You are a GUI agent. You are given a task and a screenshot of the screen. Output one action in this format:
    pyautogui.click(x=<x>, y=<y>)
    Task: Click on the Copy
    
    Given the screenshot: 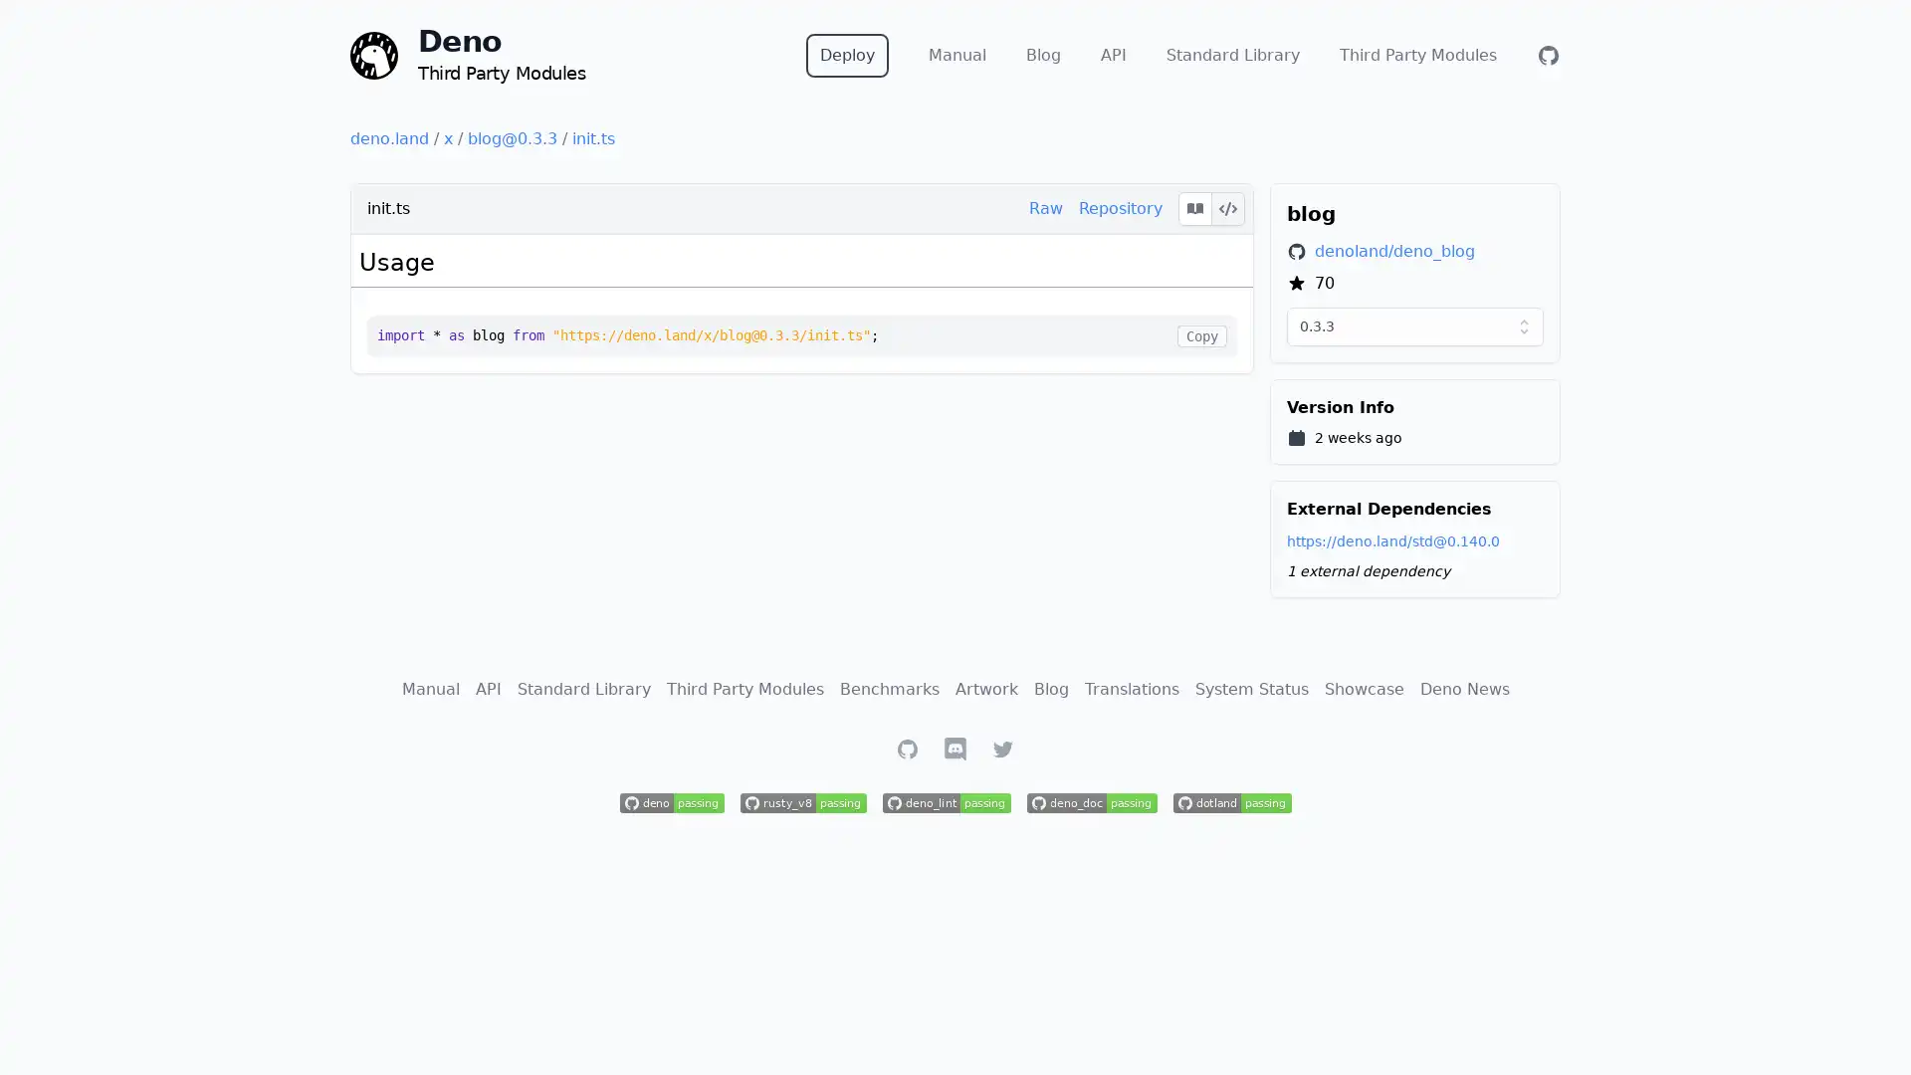 What is the action you would take?
    pyautogui.click(x=1201, y=335)
    